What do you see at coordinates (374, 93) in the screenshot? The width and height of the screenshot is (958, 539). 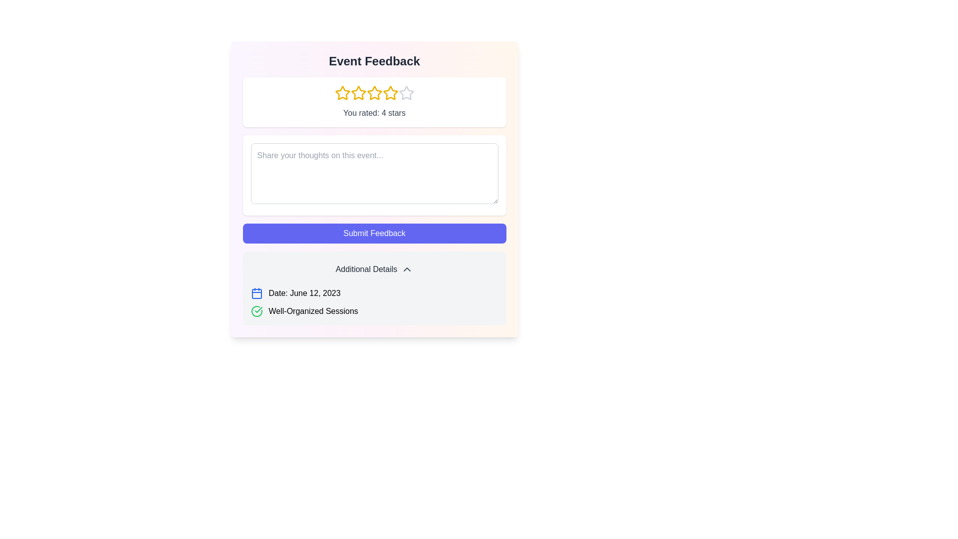 I see `the fourth active rating star element` at bounding box center [374, 93].